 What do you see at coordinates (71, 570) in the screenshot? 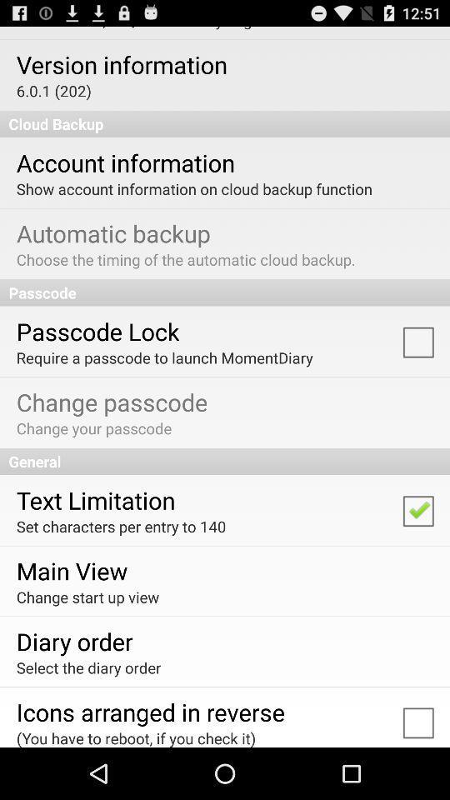
I see `main view app` at bounding box center [71, 570].